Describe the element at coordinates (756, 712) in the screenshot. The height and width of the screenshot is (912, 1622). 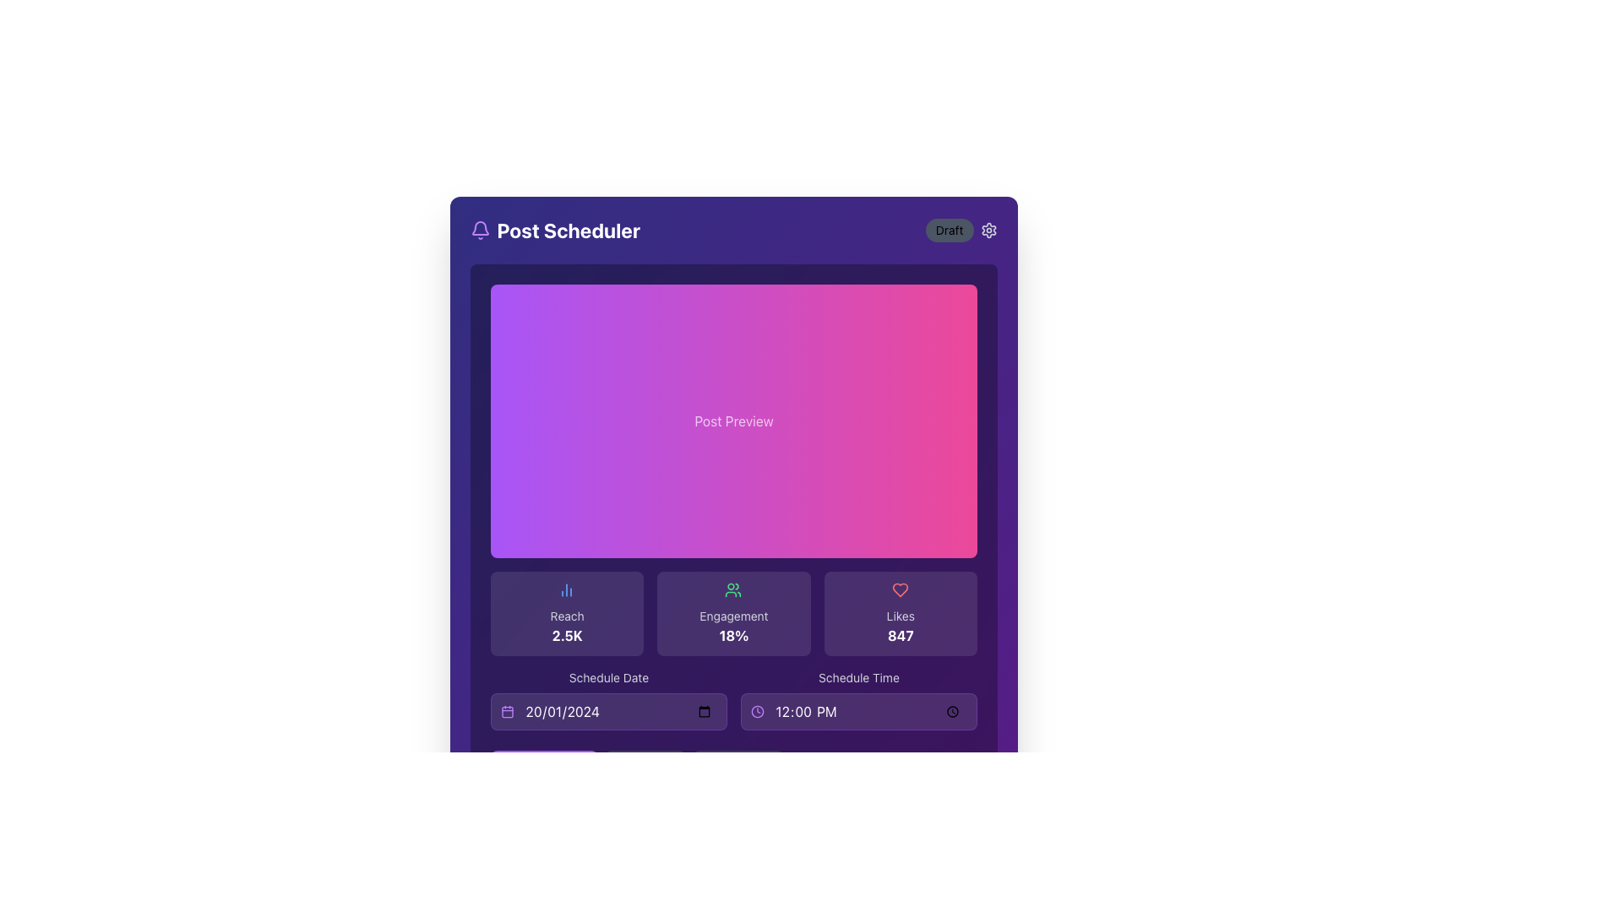
I see `the clock icon located to the left of the time input field in the 'Schedule Time' section at the bottom-right of the interface` at that location.